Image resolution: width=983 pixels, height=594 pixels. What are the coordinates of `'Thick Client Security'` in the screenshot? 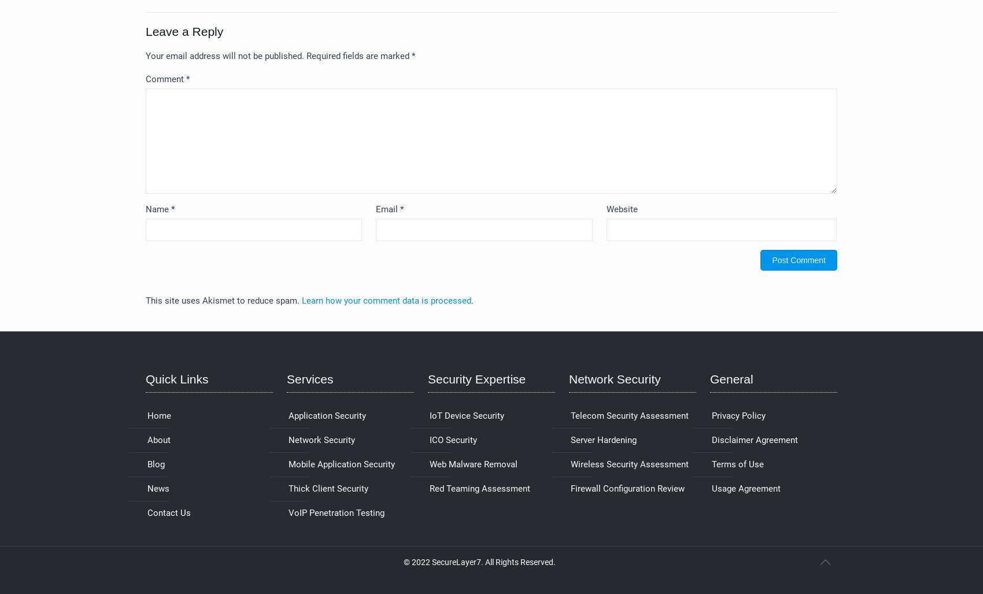 It's located at (327, 489).